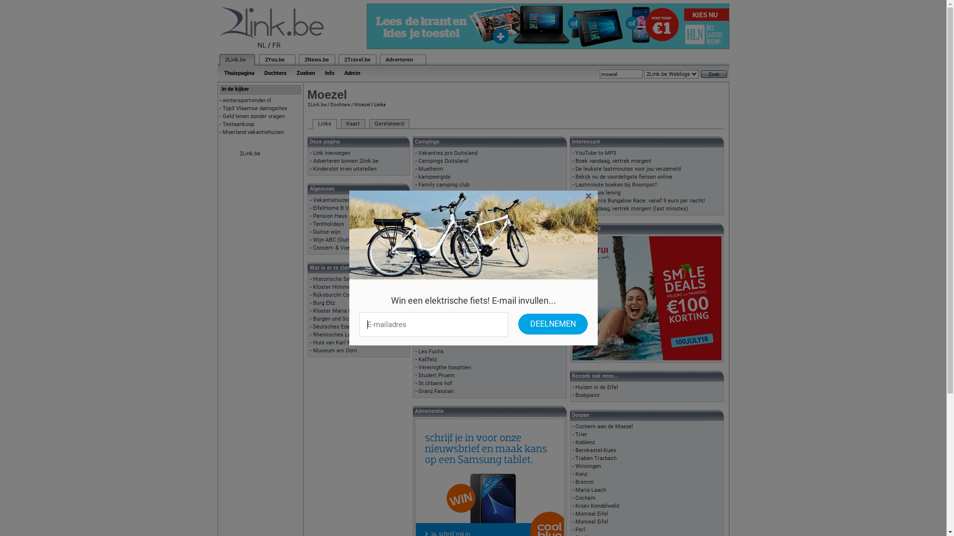 The image size is (954, 536). I want to click on 'Adverteren binnen 2link.be', so click(346, 160).